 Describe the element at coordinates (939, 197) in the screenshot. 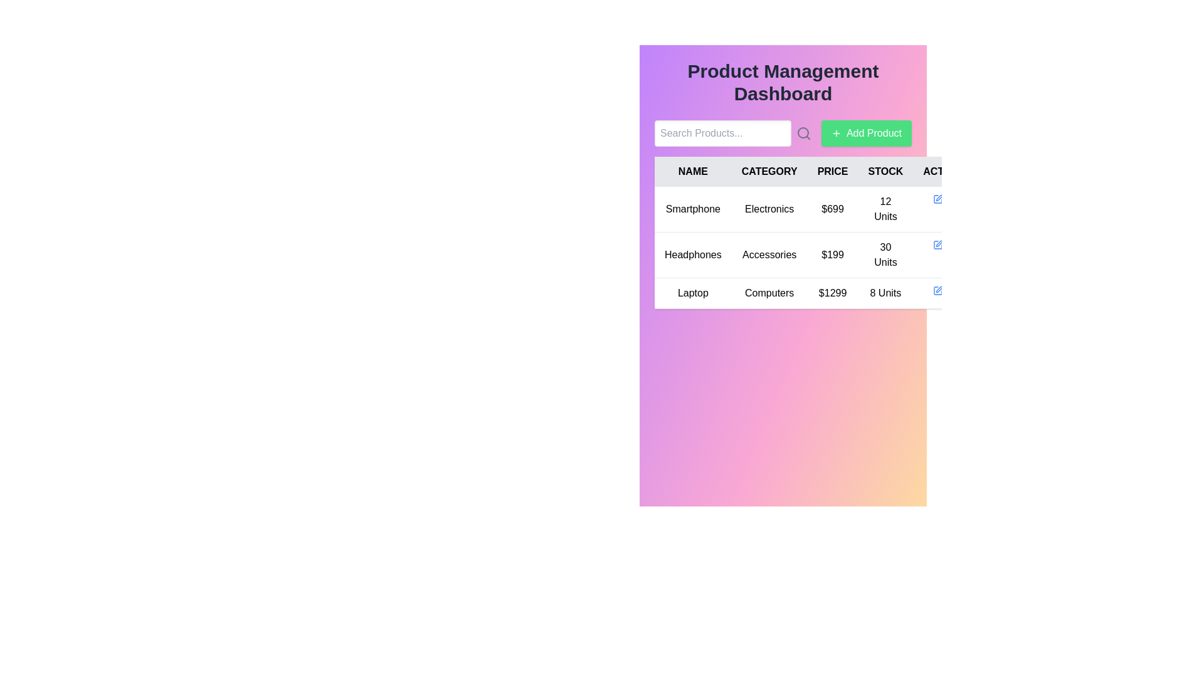

I see `the 'edit' vector graphic icon located to the right of the 'Smartphone' row under the 'ACTION' column` at that location.